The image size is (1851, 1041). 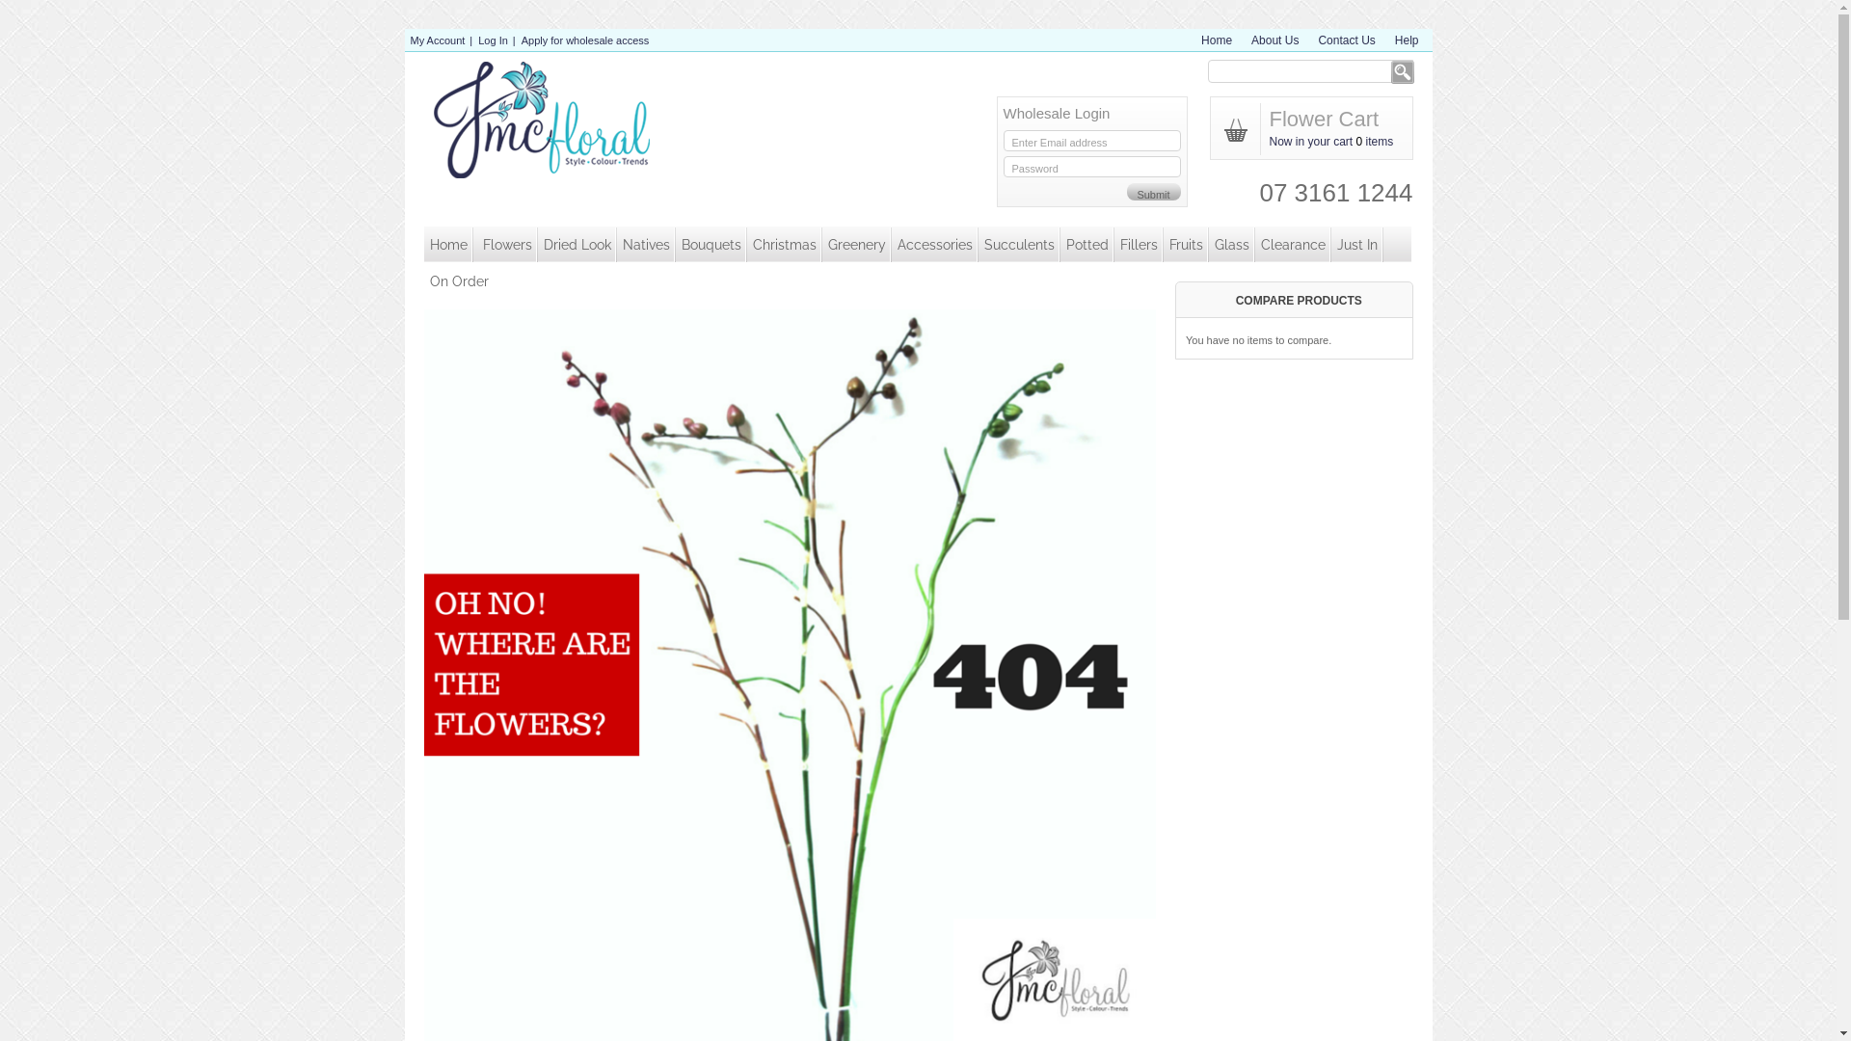 What do you see at coordinates (1152, 198) in the screenshot?
I see `'Submit'` at bounding box center [1152, 198].